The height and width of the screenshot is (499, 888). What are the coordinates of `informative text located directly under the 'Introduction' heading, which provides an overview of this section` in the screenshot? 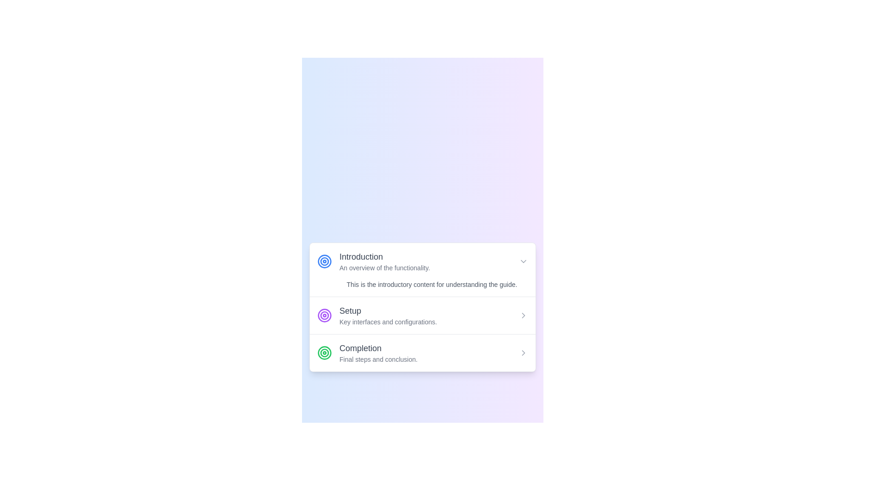 It's located at (384, 268).